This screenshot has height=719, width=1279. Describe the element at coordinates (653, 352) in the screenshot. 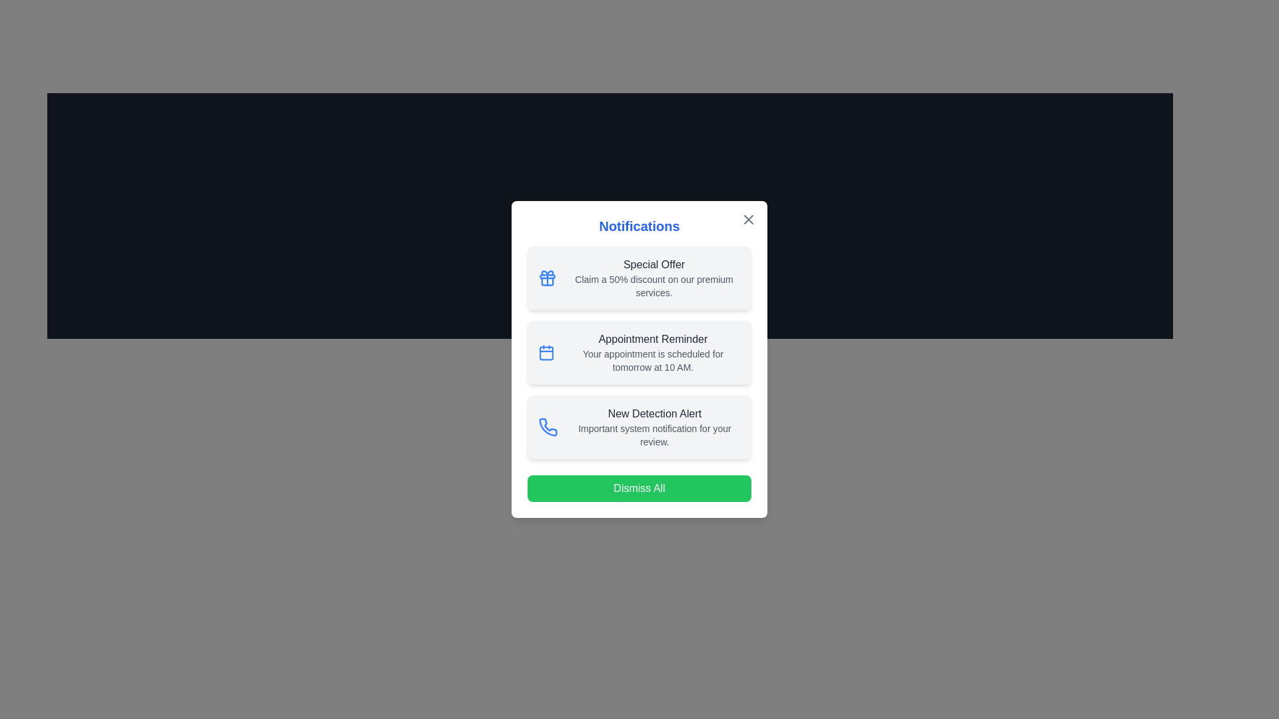

I see `the text block that informs the user of an upcoming appointment, which is the second item in a vertical list of notifications` at that location.